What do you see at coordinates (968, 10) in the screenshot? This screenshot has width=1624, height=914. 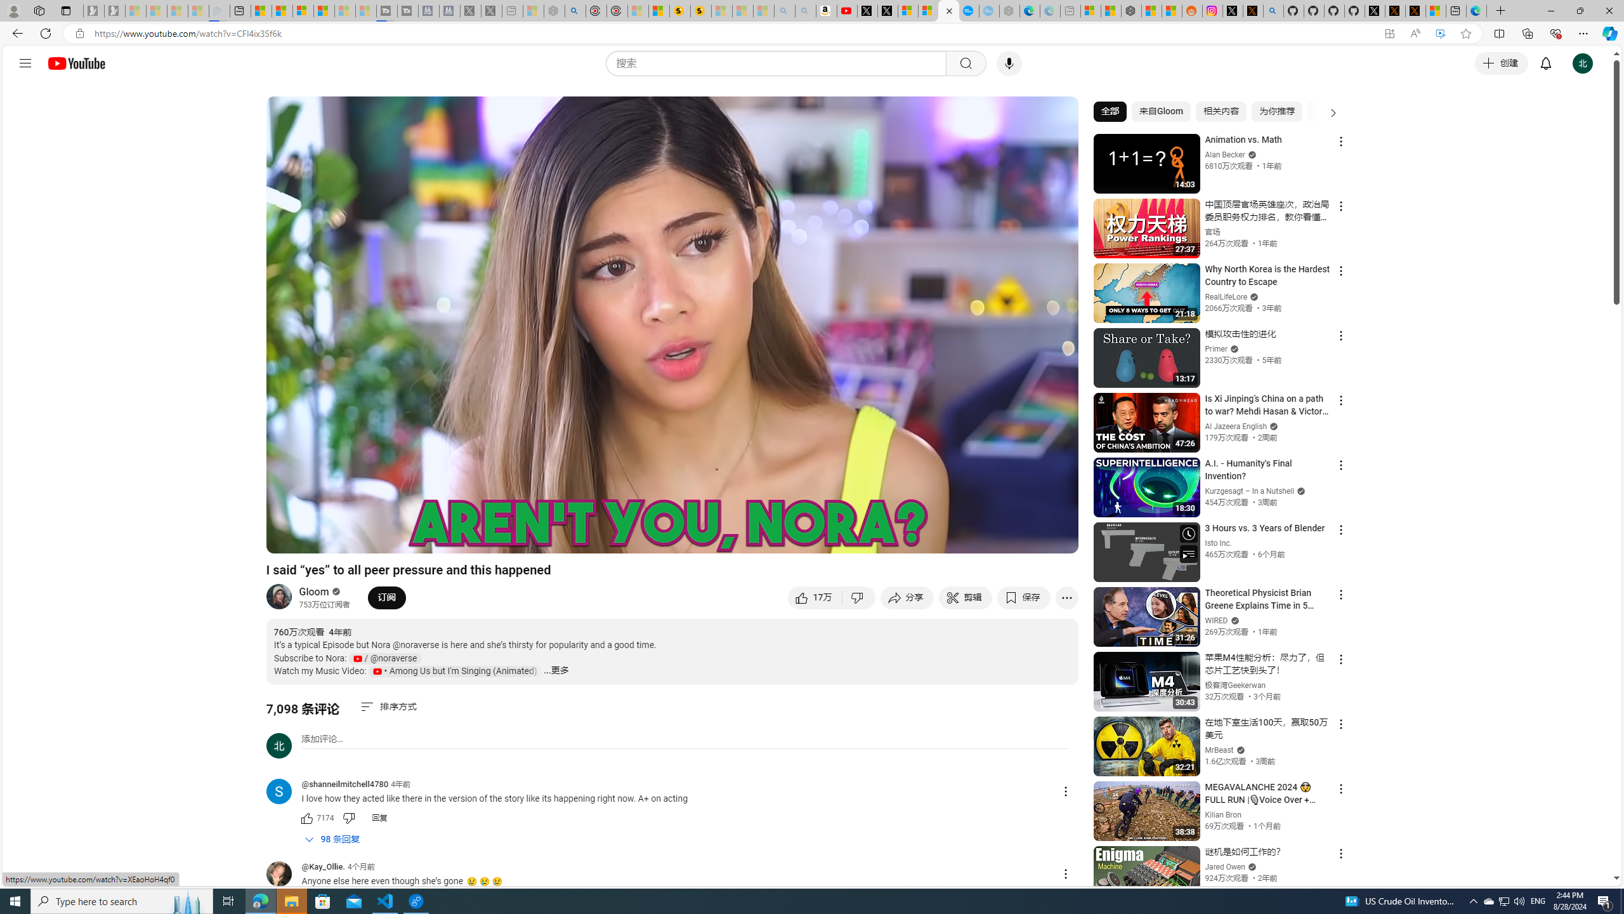 I see `'Opinion: Op-Ed and Commentary - USA TODAY'` at bounding box center [968, 10].